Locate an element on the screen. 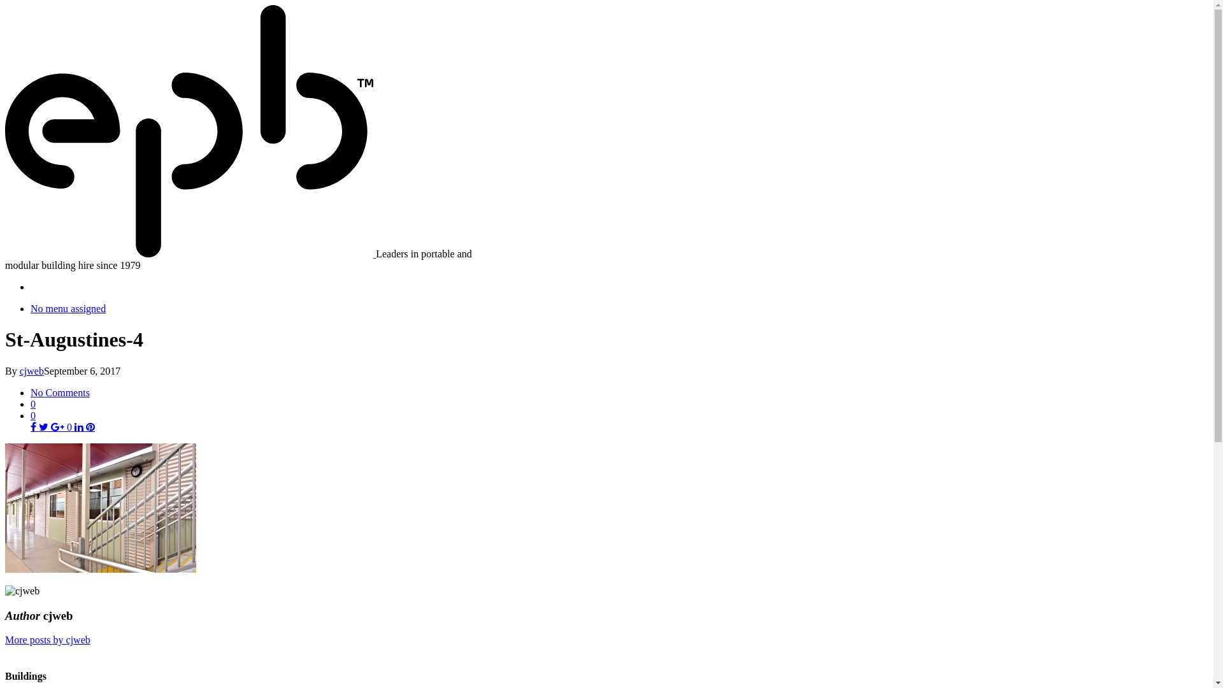 This screenshot has height=688, width=1223. 'No menu assigned' is located at coordinates (67, 308).